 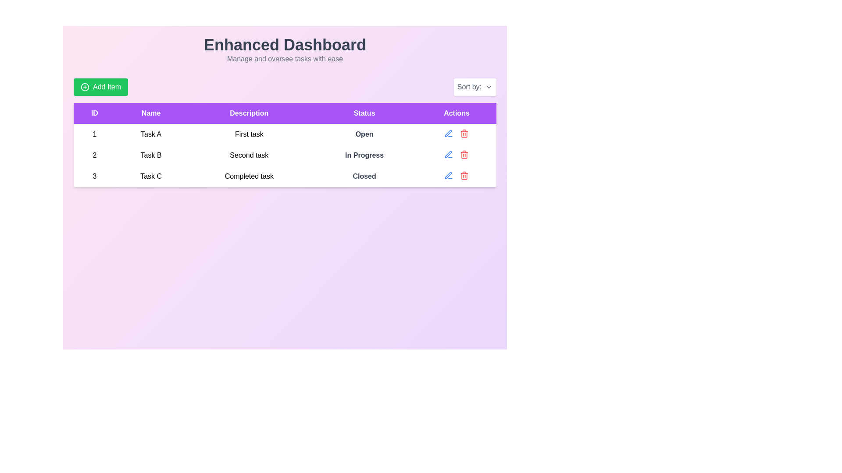 What do you see at coordinates (449, 154) in the screenshot?
I see `the first icon in the 'Actions' column of the second row in the table` at bounding box center [449, 154].